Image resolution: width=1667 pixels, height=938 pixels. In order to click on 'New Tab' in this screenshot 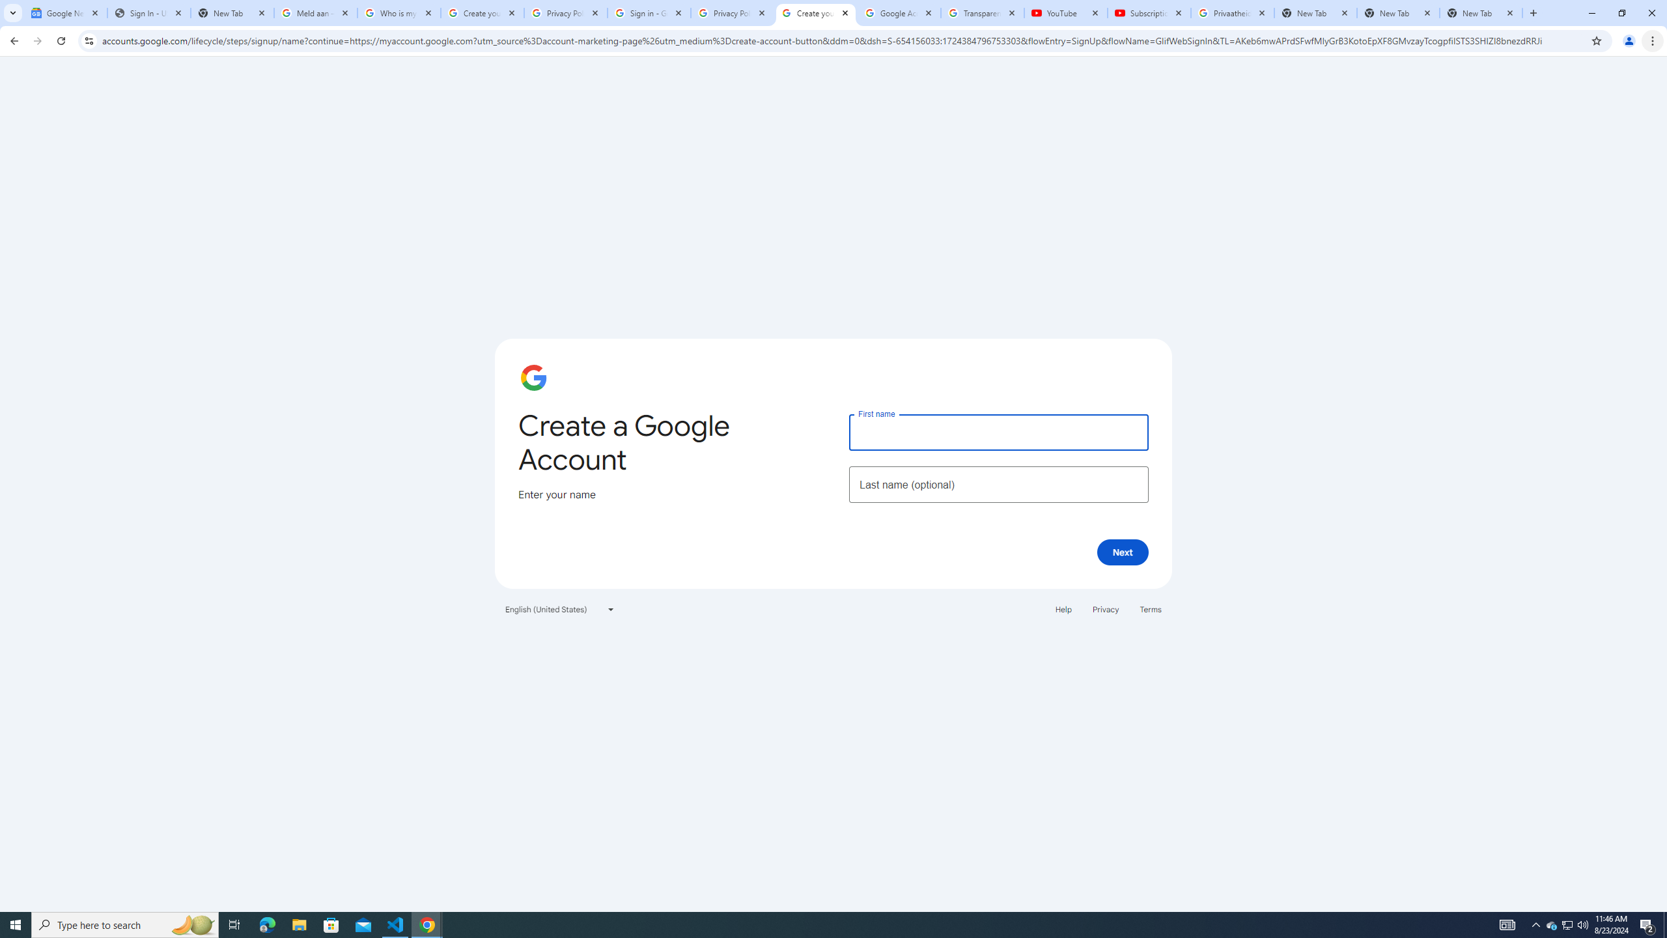, I will do `click(1481, 12)`.